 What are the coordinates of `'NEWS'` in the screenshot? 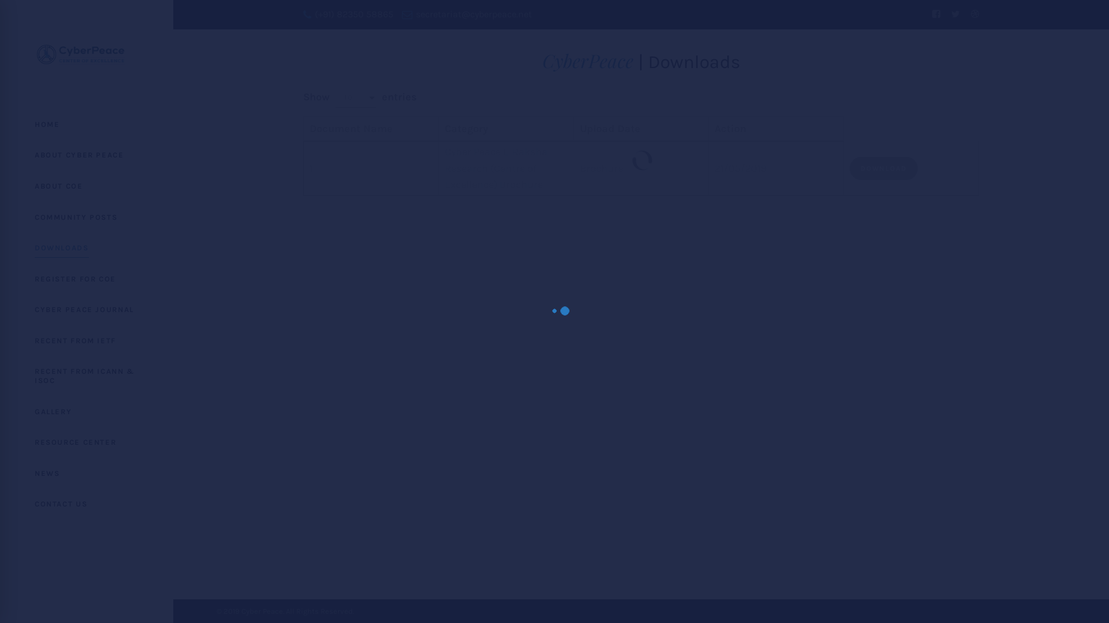 It's located at (85, 474).